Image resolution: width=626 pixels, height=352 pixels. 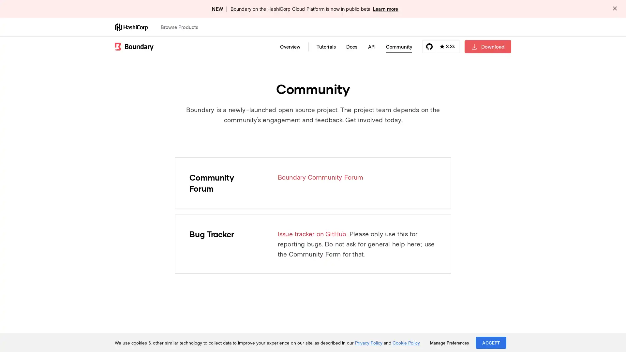 I want to click on Manage Preferences, so click(x=449, y=343).